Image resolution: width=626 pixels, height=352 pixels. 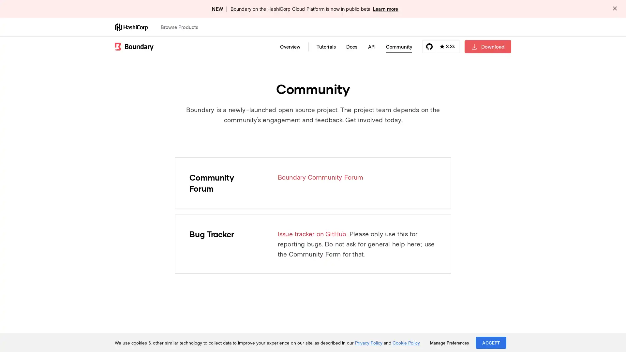 I want to click on Manage Preferences, so click(x=449, y=343).